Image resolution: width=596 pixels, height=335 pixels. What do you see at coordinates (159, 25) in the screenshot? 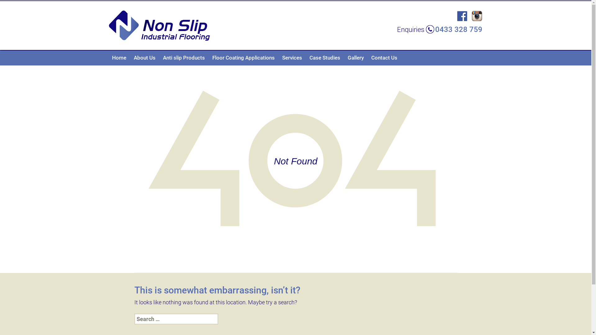
I see `'Non Slip Industrial Flooring'` at bounding box center [159, 25].